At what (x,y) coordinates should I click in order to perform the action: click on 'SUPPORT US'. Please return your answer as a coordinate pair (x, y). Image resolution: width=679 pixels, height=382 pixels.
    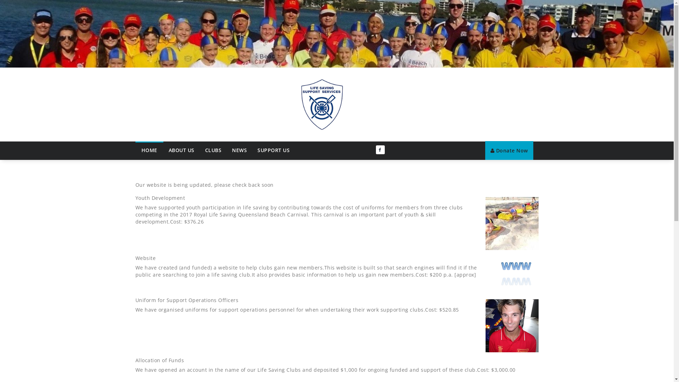
    Looking at the image, I should click on (273, 150).